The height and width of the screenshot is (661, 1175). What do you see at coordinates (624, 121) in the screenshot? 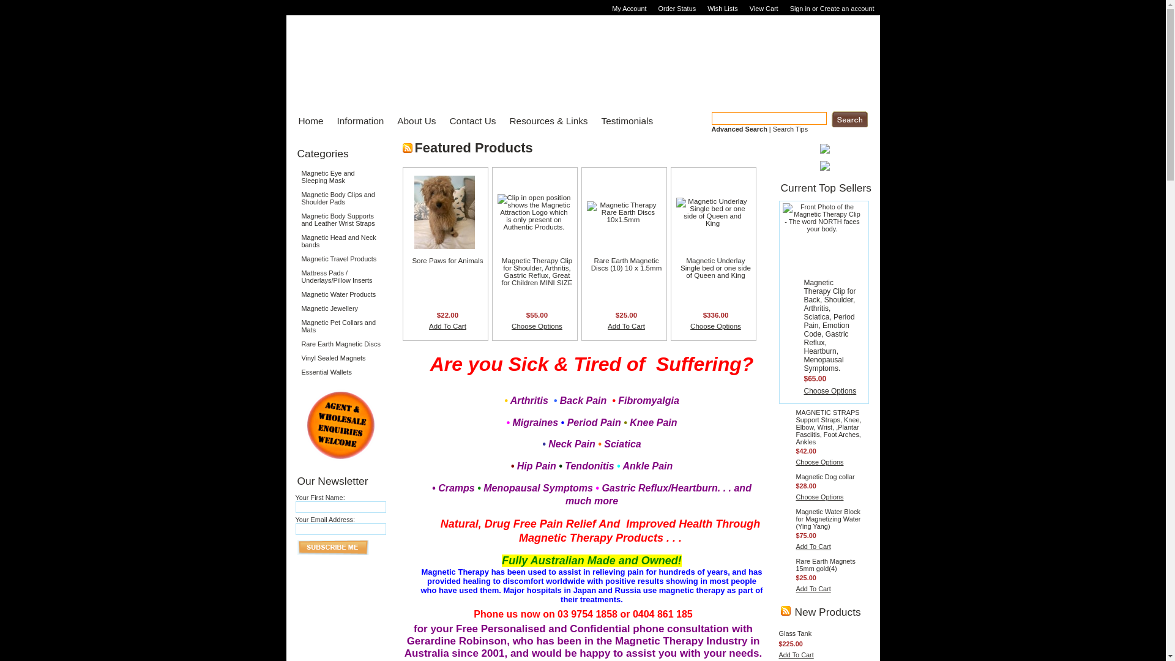
I see `'Testimonials'` at bounding box center [624, 121].